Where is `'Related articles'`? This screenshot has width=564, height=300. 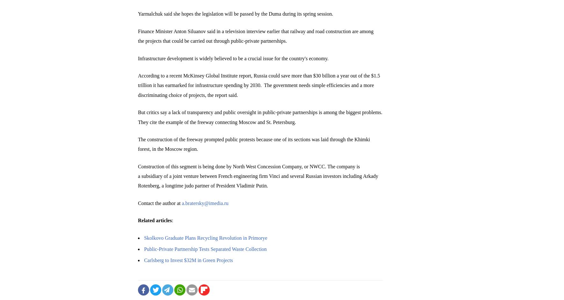 'Related articles' is located at coordinates (155, 220).